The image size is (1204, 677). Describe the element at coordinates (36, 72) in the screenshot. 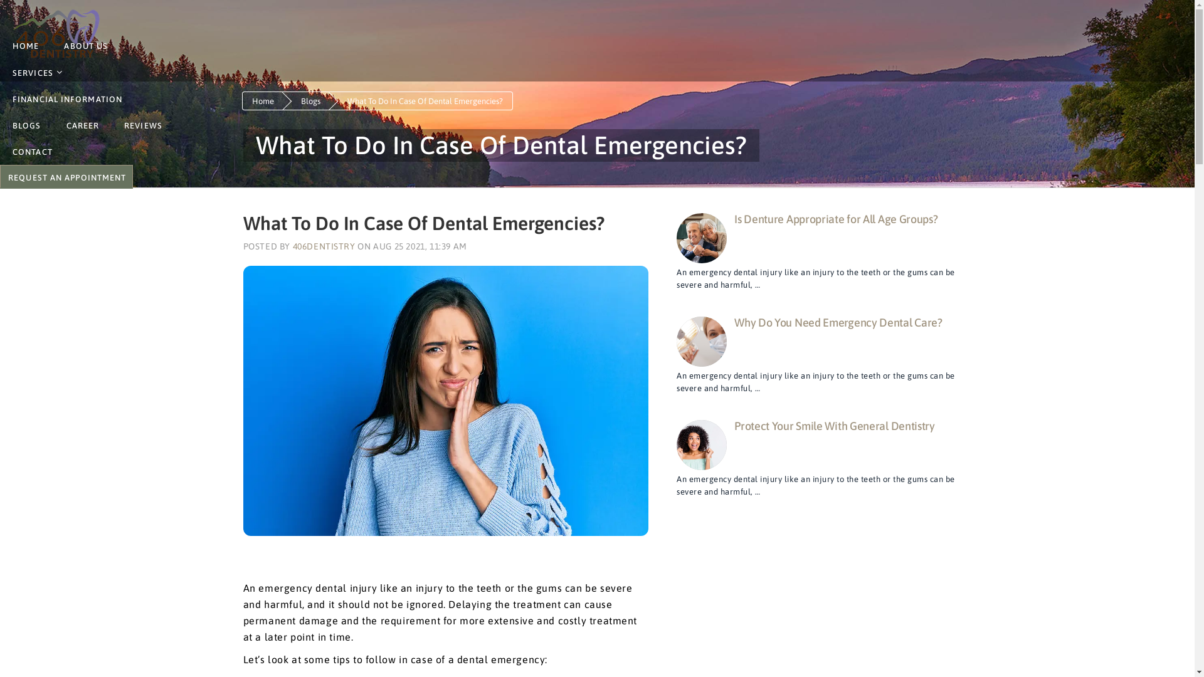

I see `'SERVICES'` at that location.